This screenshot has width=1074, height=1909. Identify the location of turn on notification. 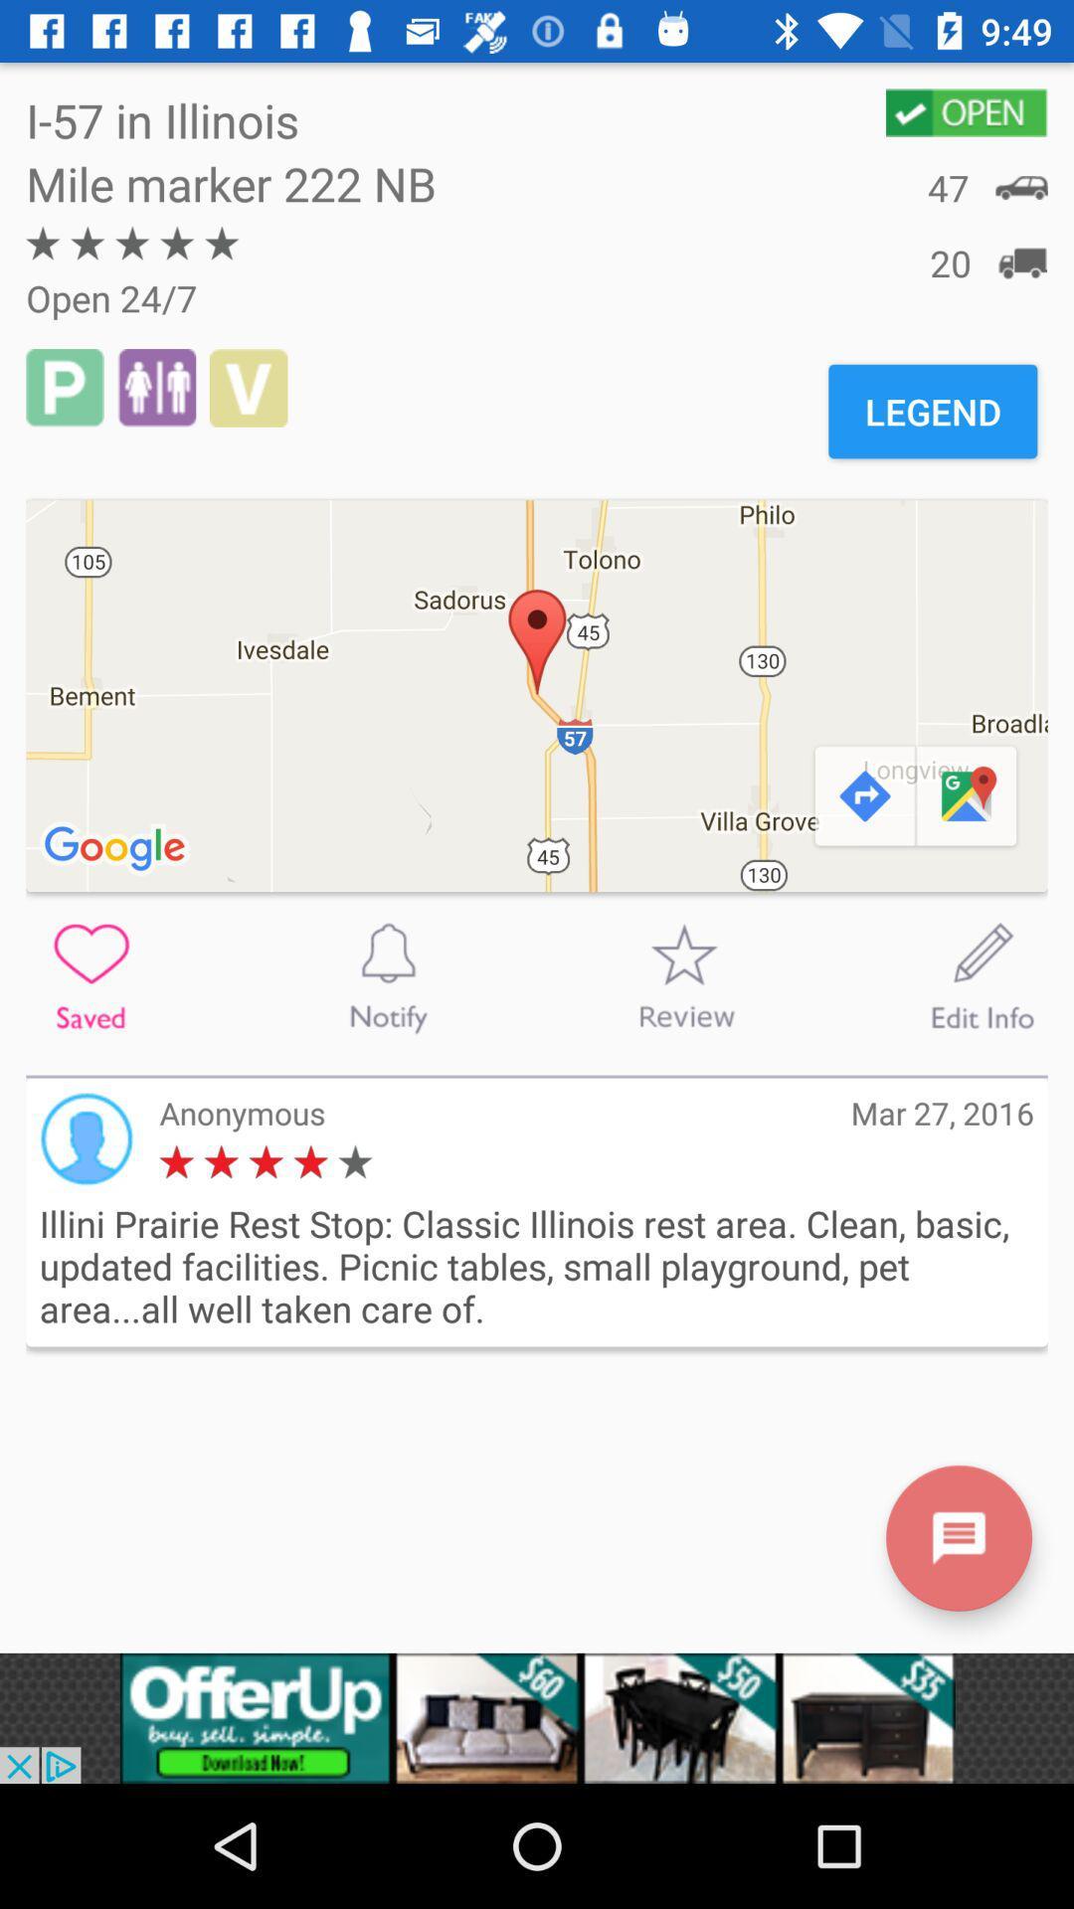
(388, 976).